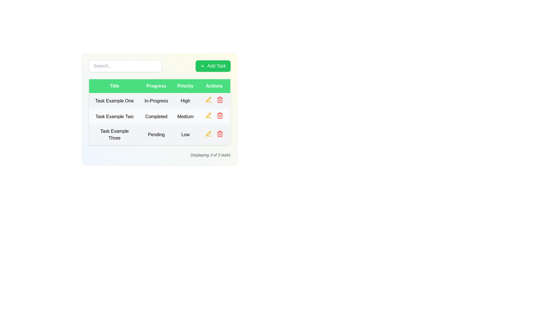 The height and width of the screenshot is (309, 550). I want to click on the text label in the first cell of the third row under the 'Title' column, so click(114, 135).